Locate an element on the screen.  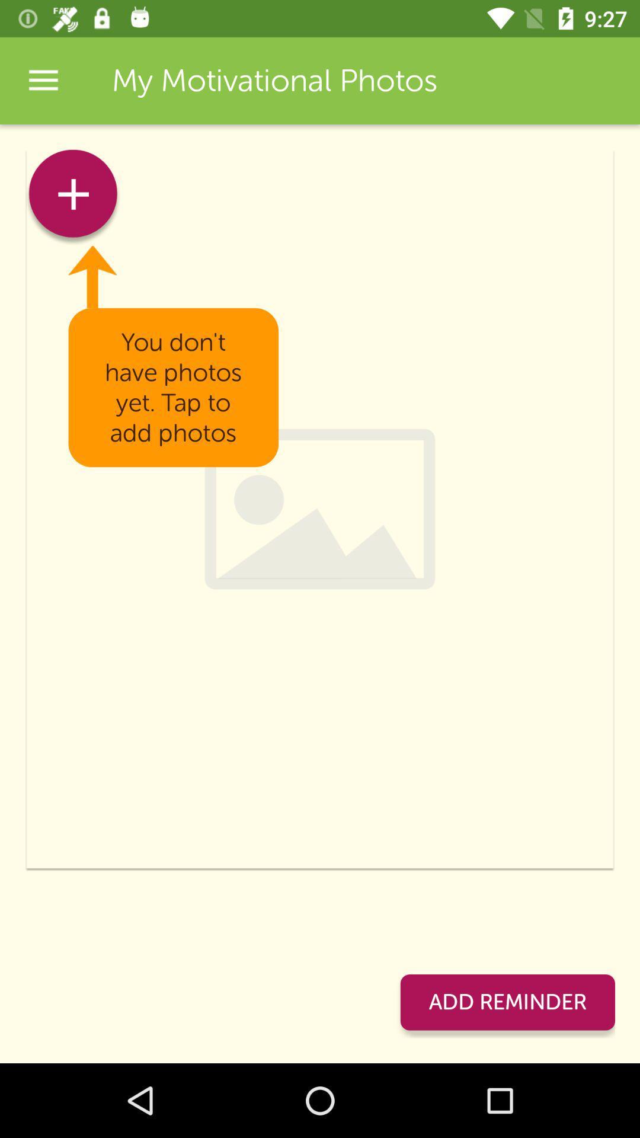
add reminder item is located at coordinates (507, 1002).